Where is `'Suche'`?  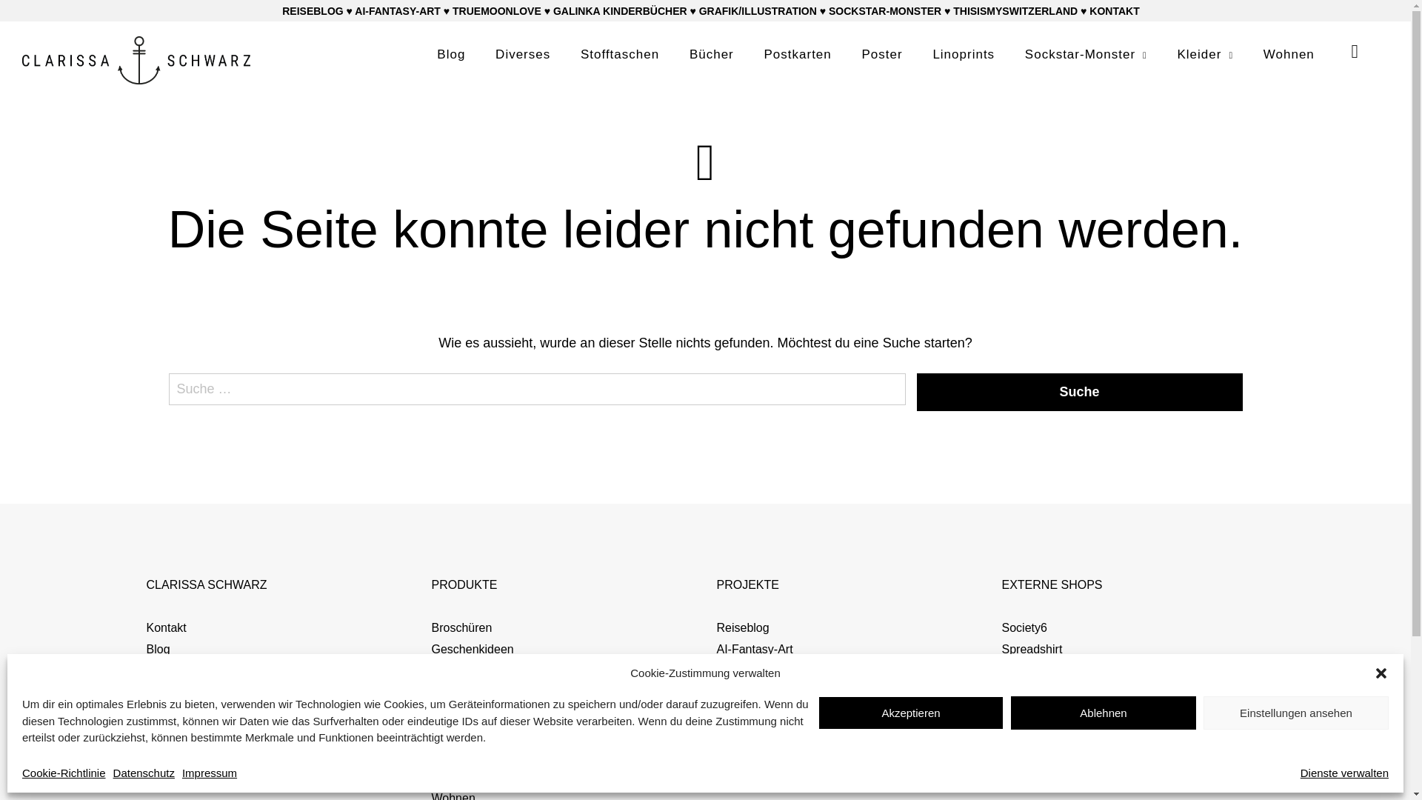
'Suche' is located at coordinates (1080, 391).